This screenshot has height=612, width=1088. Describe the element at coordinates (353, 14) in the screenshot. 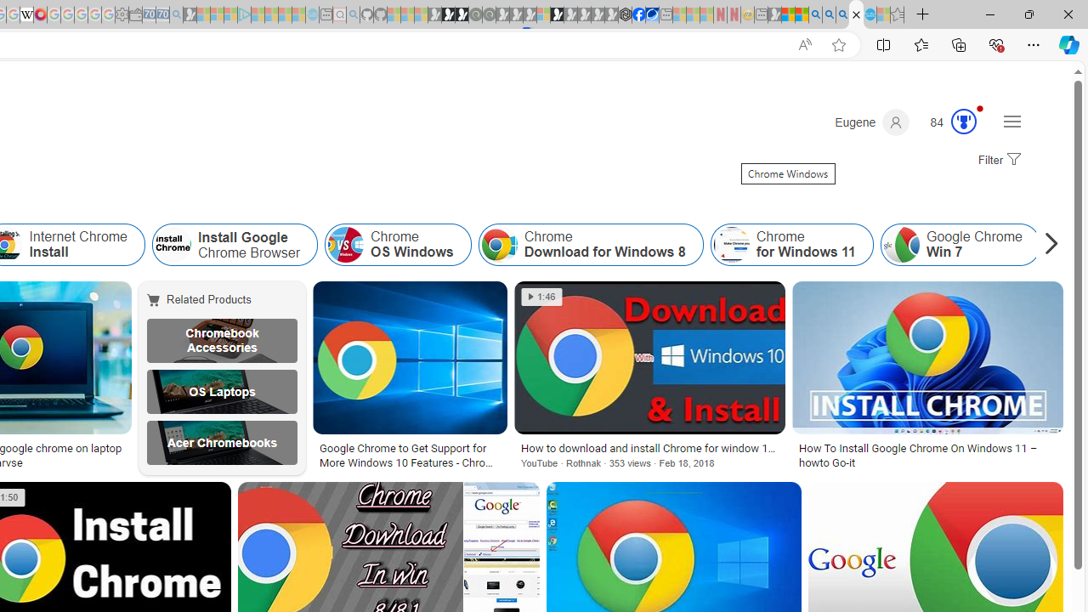

I see `'github - Search - Sleeping'` at that location.